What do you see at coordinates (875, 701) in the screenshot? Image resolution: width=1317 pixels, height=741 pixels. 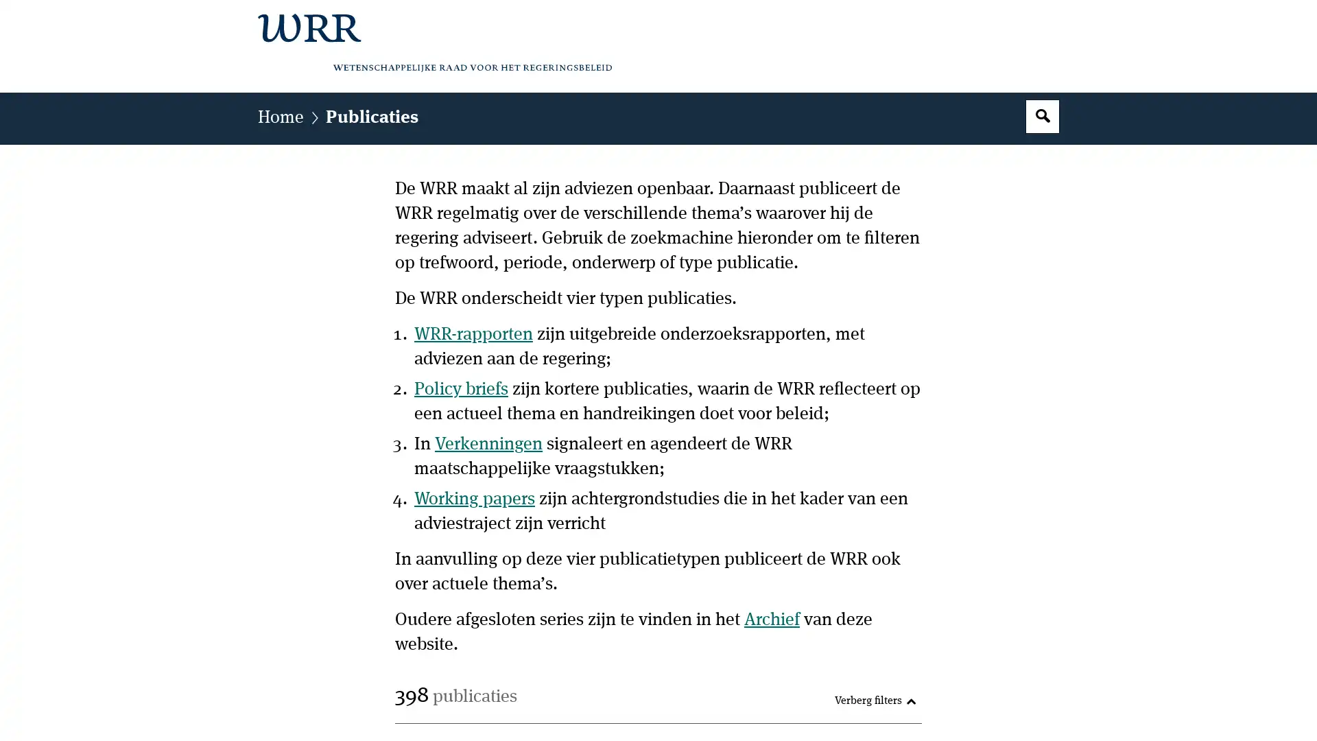 I see `Verberg filters` at bounding box center [875, 701].